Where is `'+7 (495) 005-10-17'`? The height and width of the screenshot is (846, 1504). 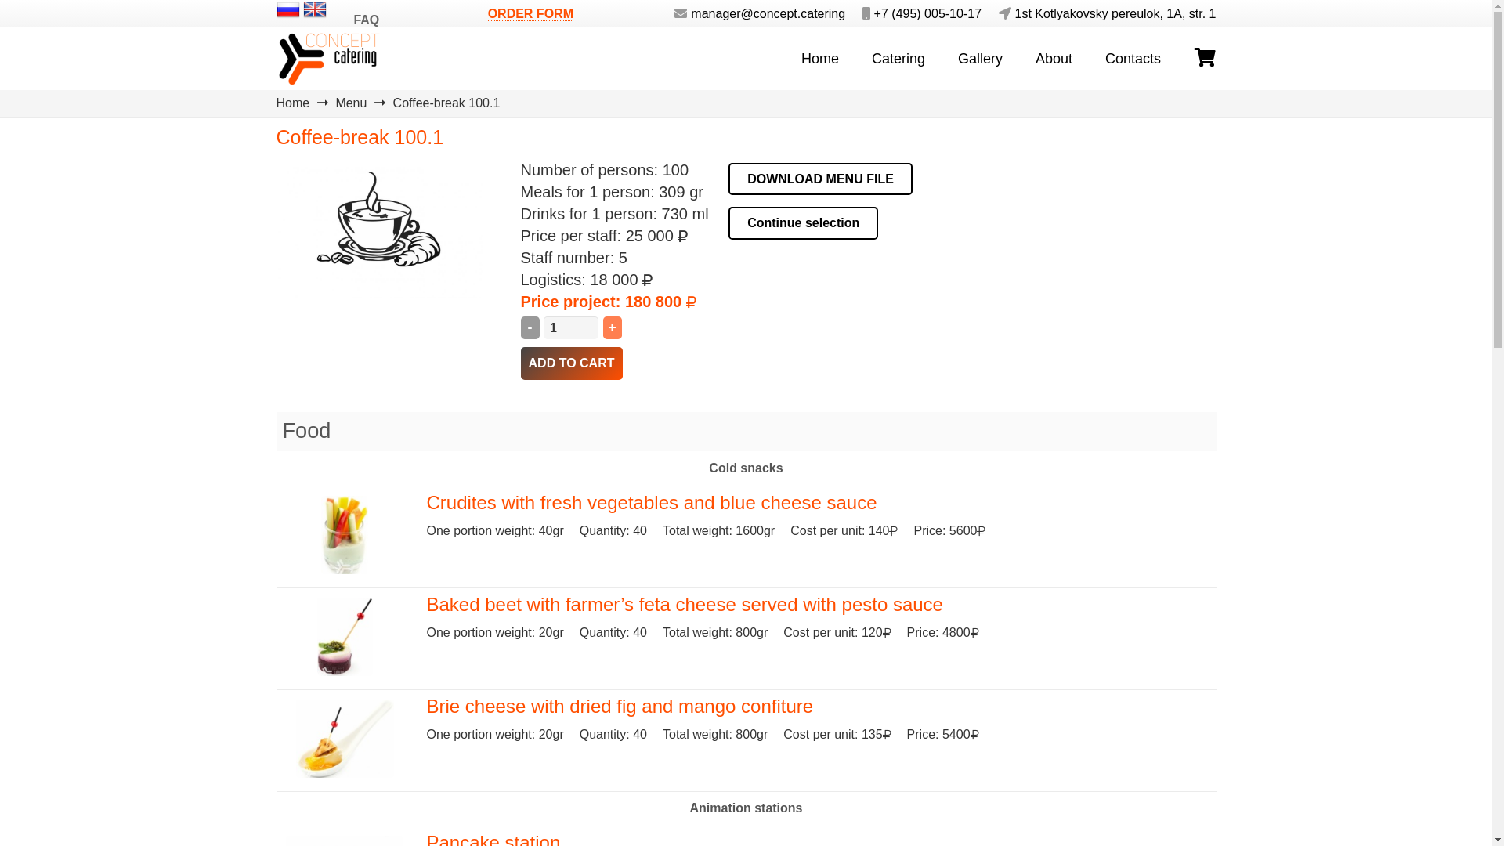
'+7 (495) 005-10-17' is located at coordinates (848, 13).